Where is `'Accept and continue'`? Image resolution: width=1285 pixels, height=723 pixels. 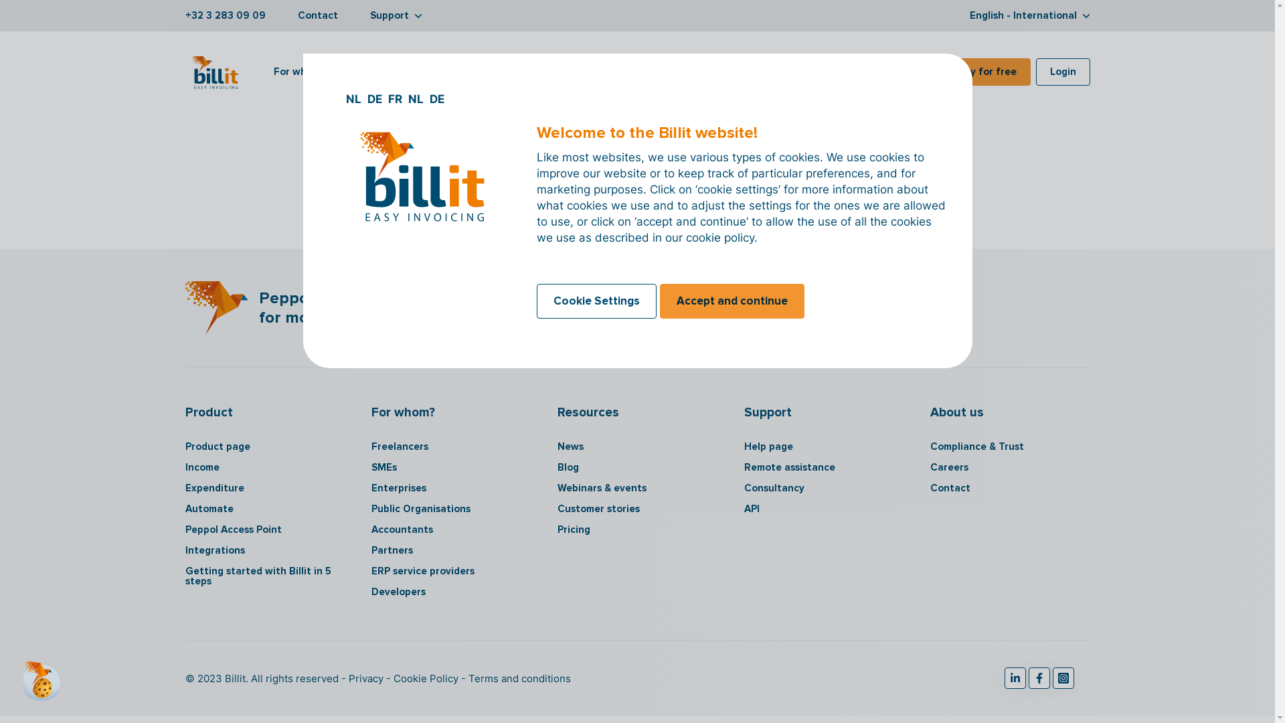 'Accept and continue' is located at coordinates (659, 301).